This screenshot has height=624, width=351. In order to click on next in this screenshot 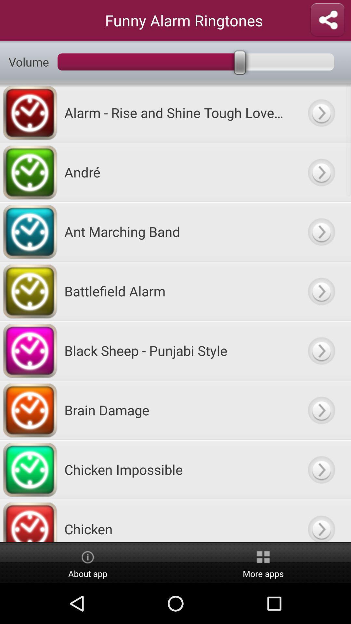, I will do `click(321, 291)`.